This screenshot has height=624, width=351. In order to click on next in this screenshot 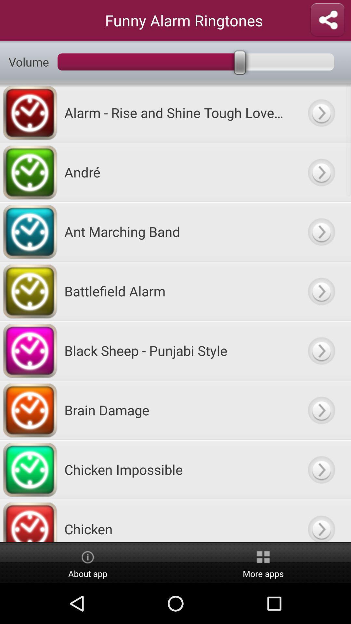, I will do `click(321, 291)`.